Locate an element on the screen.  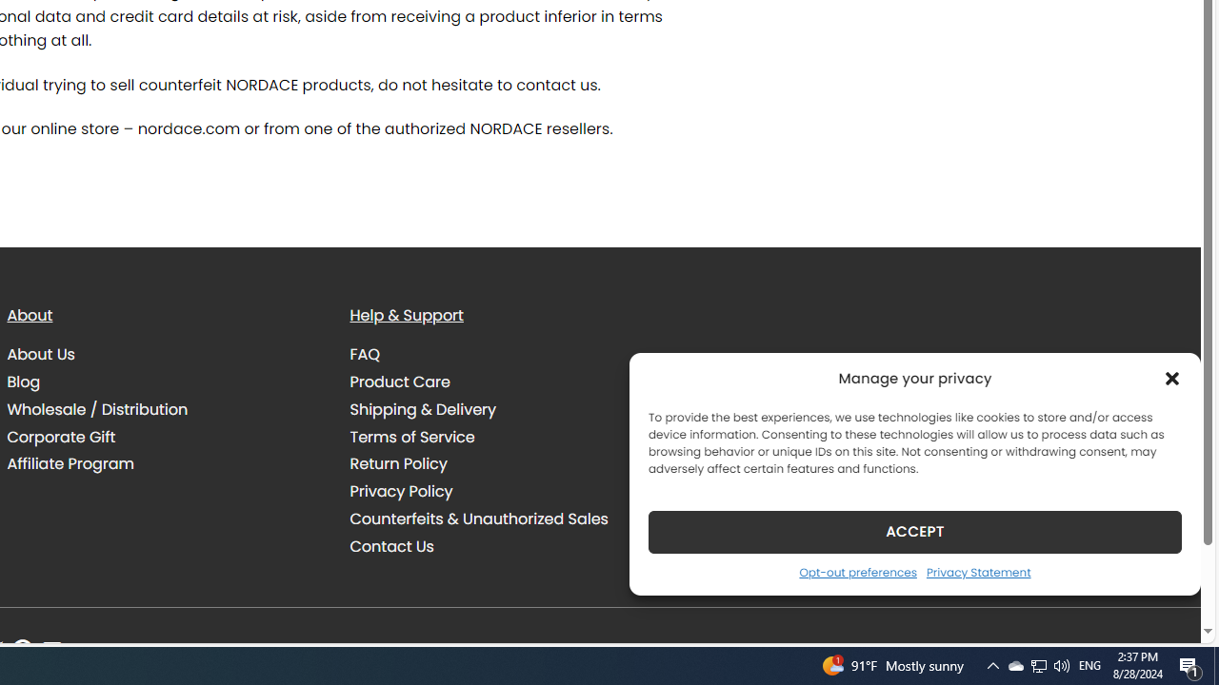
'Corporate Gift' is located at coordinates (61, 436).